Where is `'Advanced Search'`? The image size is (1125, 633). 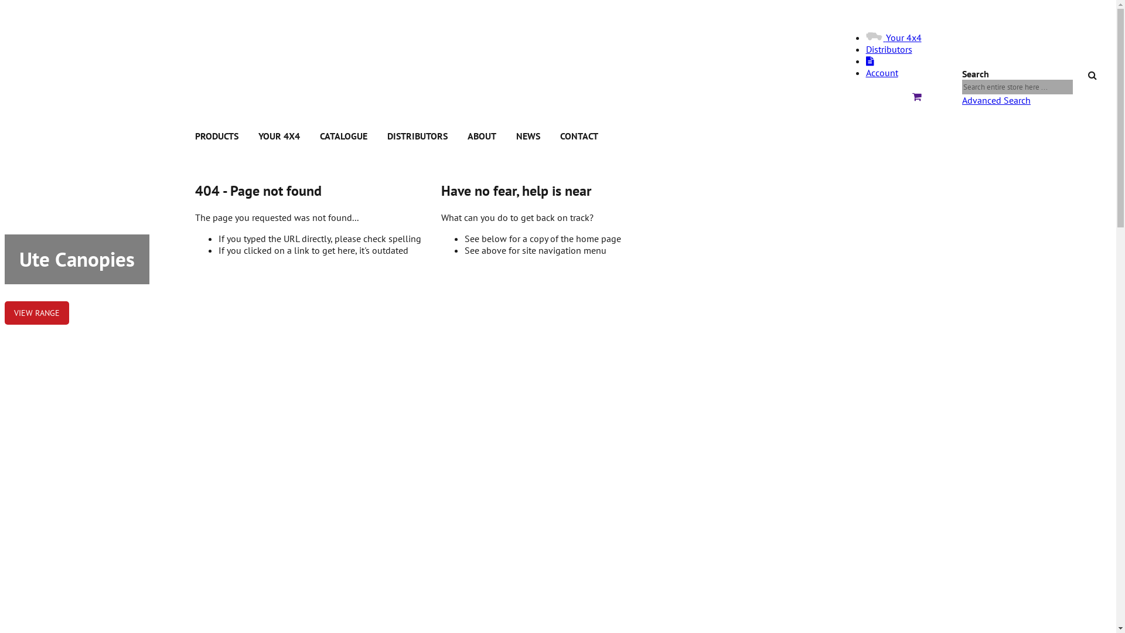
'Advanced Search' is located at coordinates (996, 99).